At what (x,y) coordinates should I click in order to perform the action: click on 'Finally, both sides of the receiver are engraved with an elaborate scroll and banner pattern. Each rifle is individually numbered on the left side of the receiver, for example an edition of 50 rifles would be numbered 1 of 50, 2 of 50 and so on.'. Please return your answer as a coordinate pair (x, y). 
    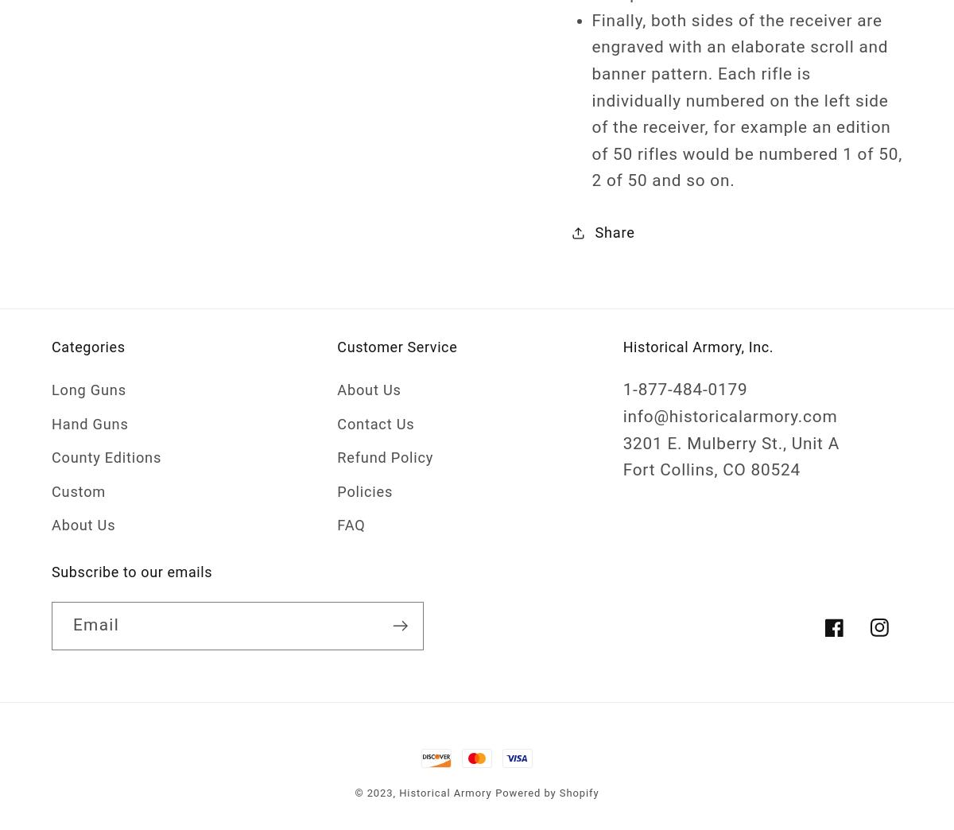
    Looking at the image, I should click on (747, 100).